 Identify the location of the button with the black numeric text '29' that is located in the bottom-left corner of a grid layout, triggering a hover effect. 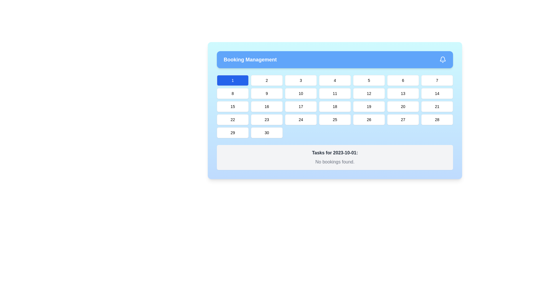
(233, 132).